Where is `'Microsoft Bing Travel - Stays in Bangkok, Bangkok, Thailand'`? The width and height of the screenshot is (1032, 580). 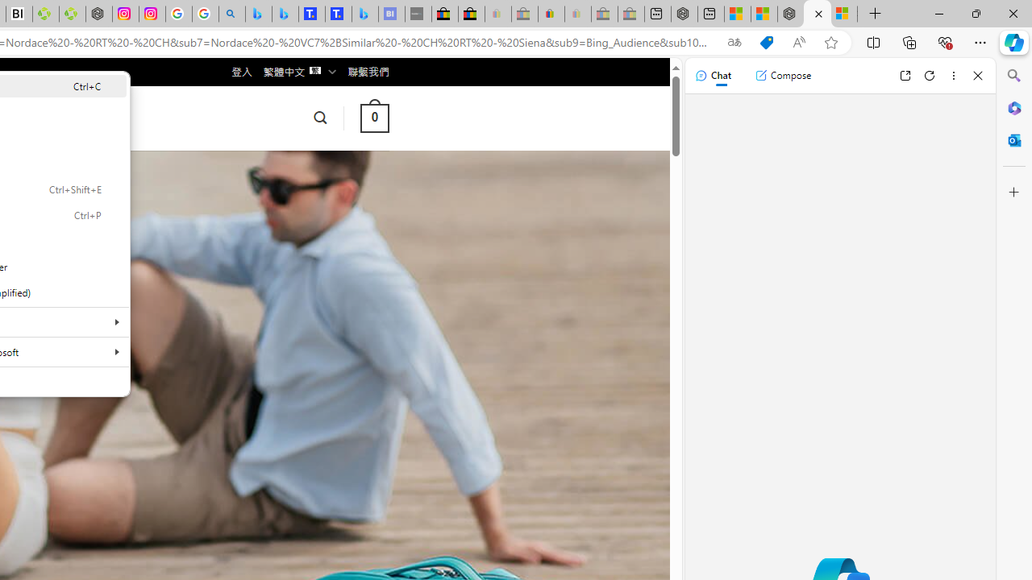
'Microsoft Bing Travel - Stays in Bangkok, Bangkok, Thailand' is located at coordinates (285, 14).